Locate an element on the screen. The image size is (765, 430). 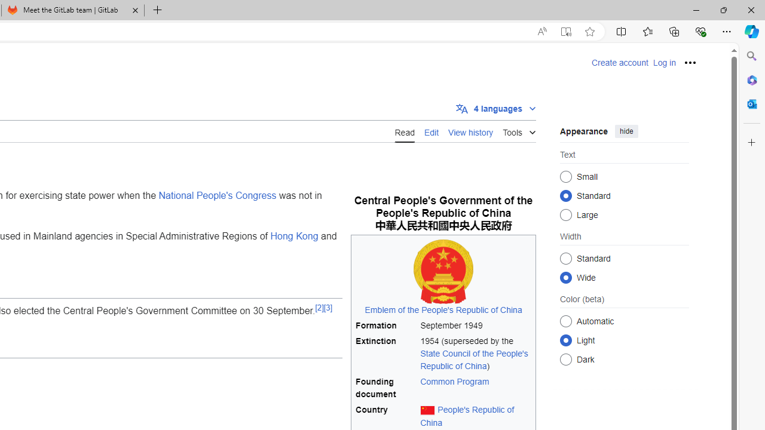
'Log in' is located at coordinates (663, 63).